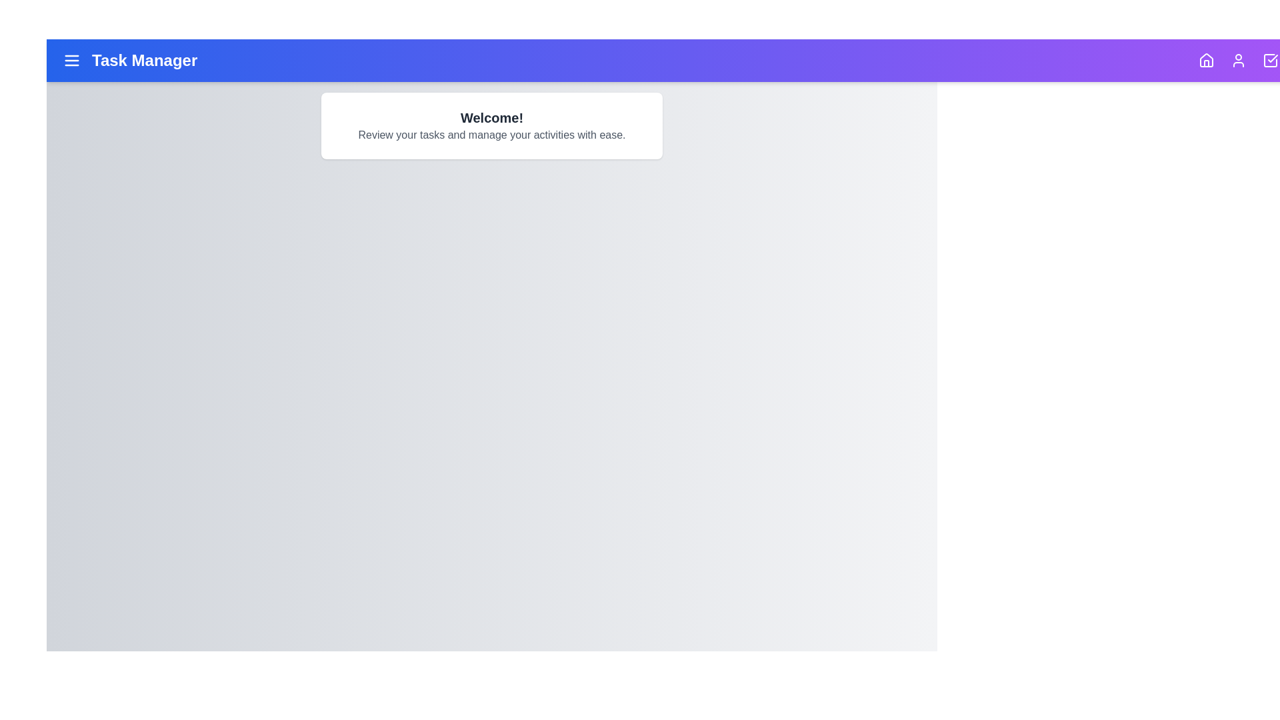 The height and width of the screenshot is (720, 1280). I want to click on the static text in the main content area, so click(491, 126).